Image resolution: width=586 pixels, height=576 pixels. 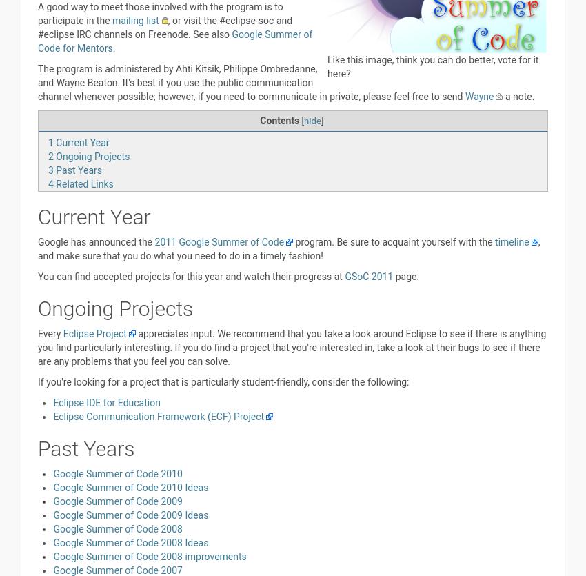 I want to click on 'Google Summer of Code 2009', so click(x=53, y=501).